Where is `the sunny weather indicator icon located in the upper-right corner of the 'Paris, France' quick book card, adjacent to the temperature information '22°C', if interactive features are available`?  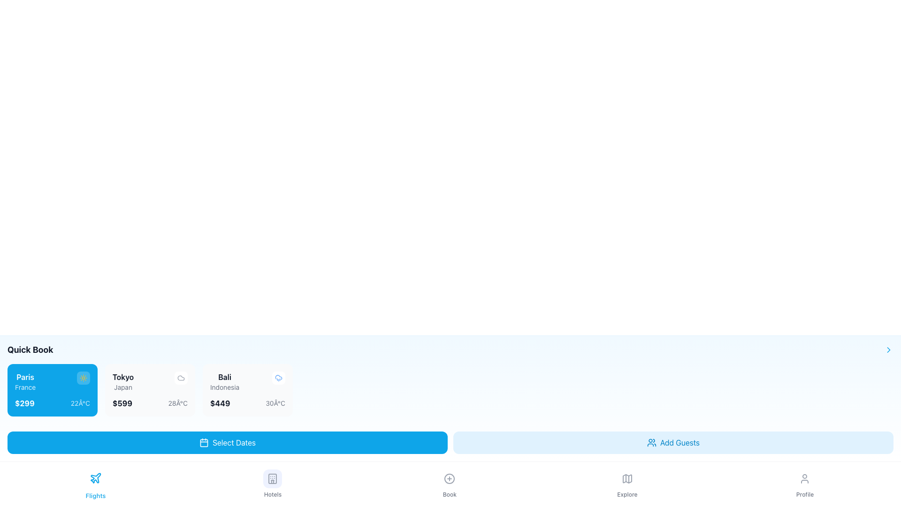
the sunny weather indicator icon located in the upper-right corner of the 'Paris, France' quick book card, adjacent to the temperature information '22°C', if interactive features are available is located at coordinates (83, 377).